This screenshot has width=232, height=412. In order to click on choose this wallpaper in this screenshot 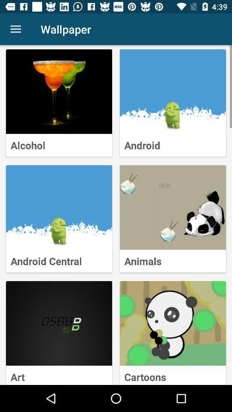, I will do `click(58, 207)`.